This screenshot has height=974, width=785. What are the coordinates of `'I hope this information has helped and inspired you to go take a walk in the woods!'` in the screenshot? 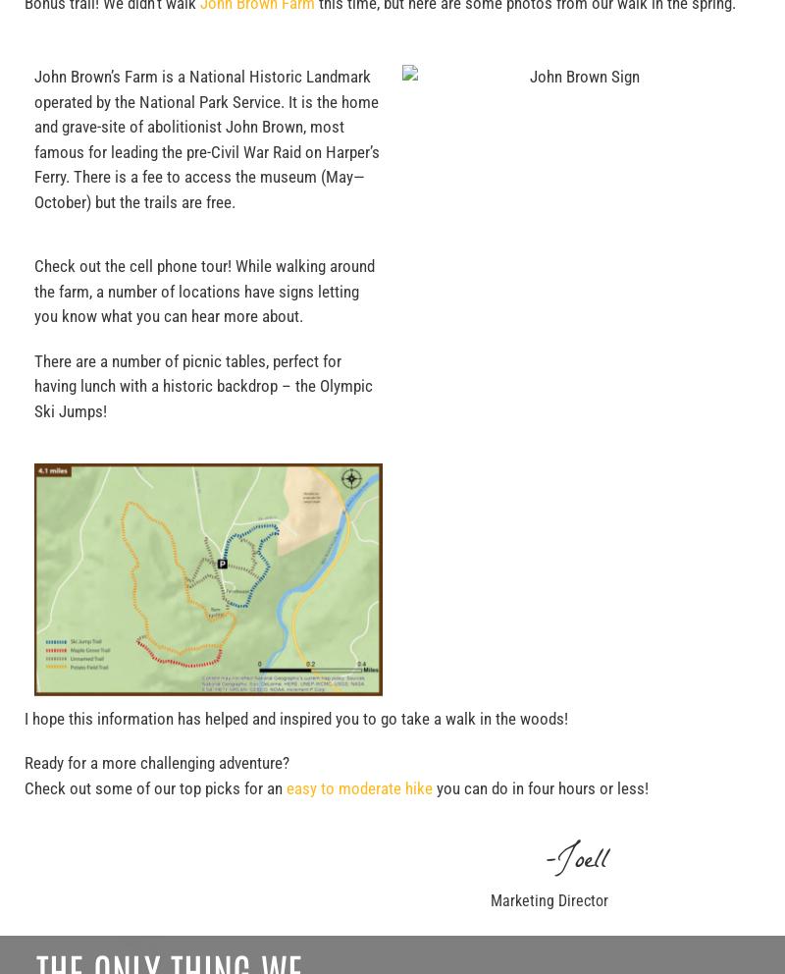 It's located at (295, 718).